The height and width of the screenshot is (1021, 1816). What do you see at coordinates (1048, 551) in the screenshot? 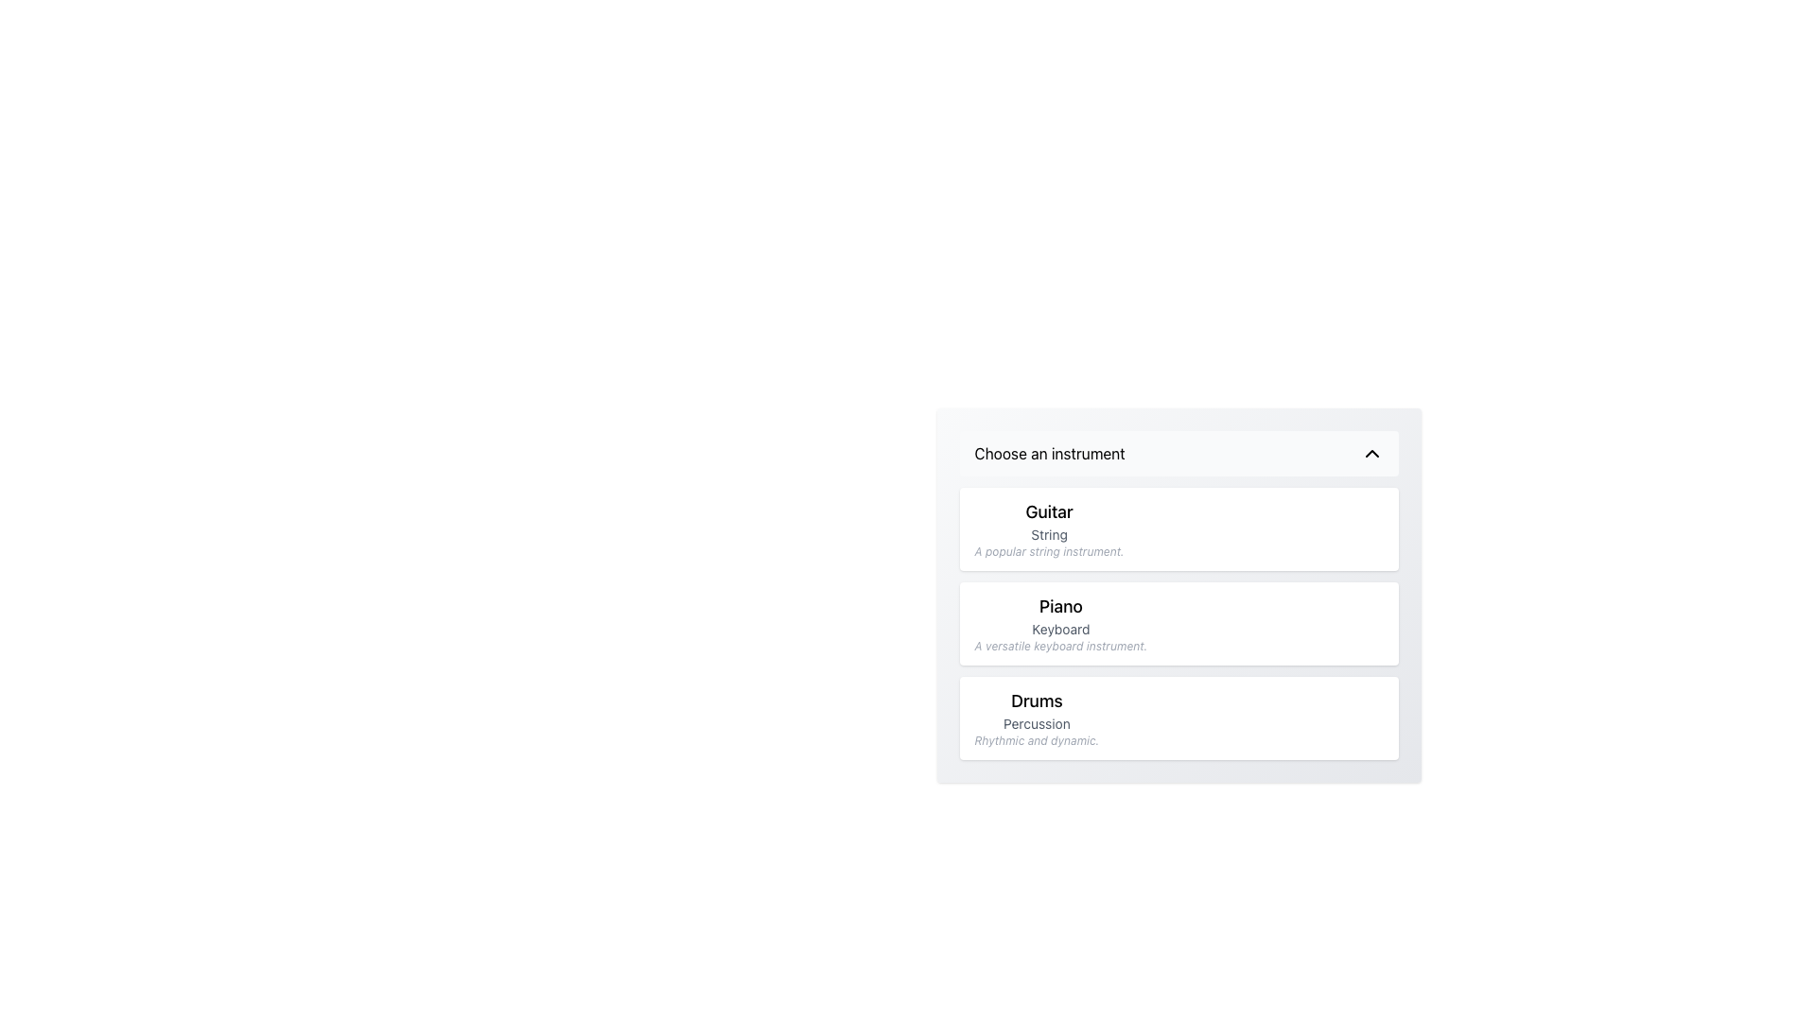
I see `the text snippet reading 'A popular string instrument.' which is styled in a small, italicized font and located below the text 'String' in the 'Choose an instrument' list` at bounding box center [1048, 551].